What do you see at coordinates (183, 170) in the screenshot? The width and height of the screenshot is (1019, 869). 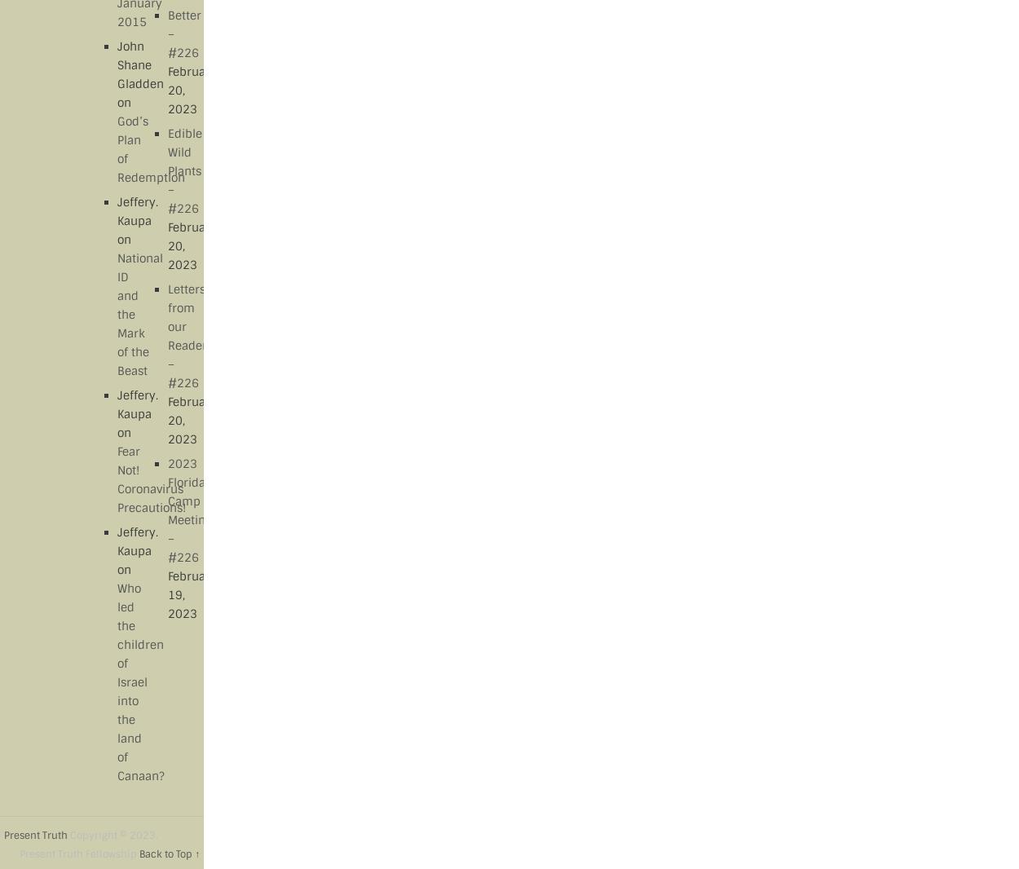 I see `'Edible Wild Plants – #226'` at bounding box center [183, 170].